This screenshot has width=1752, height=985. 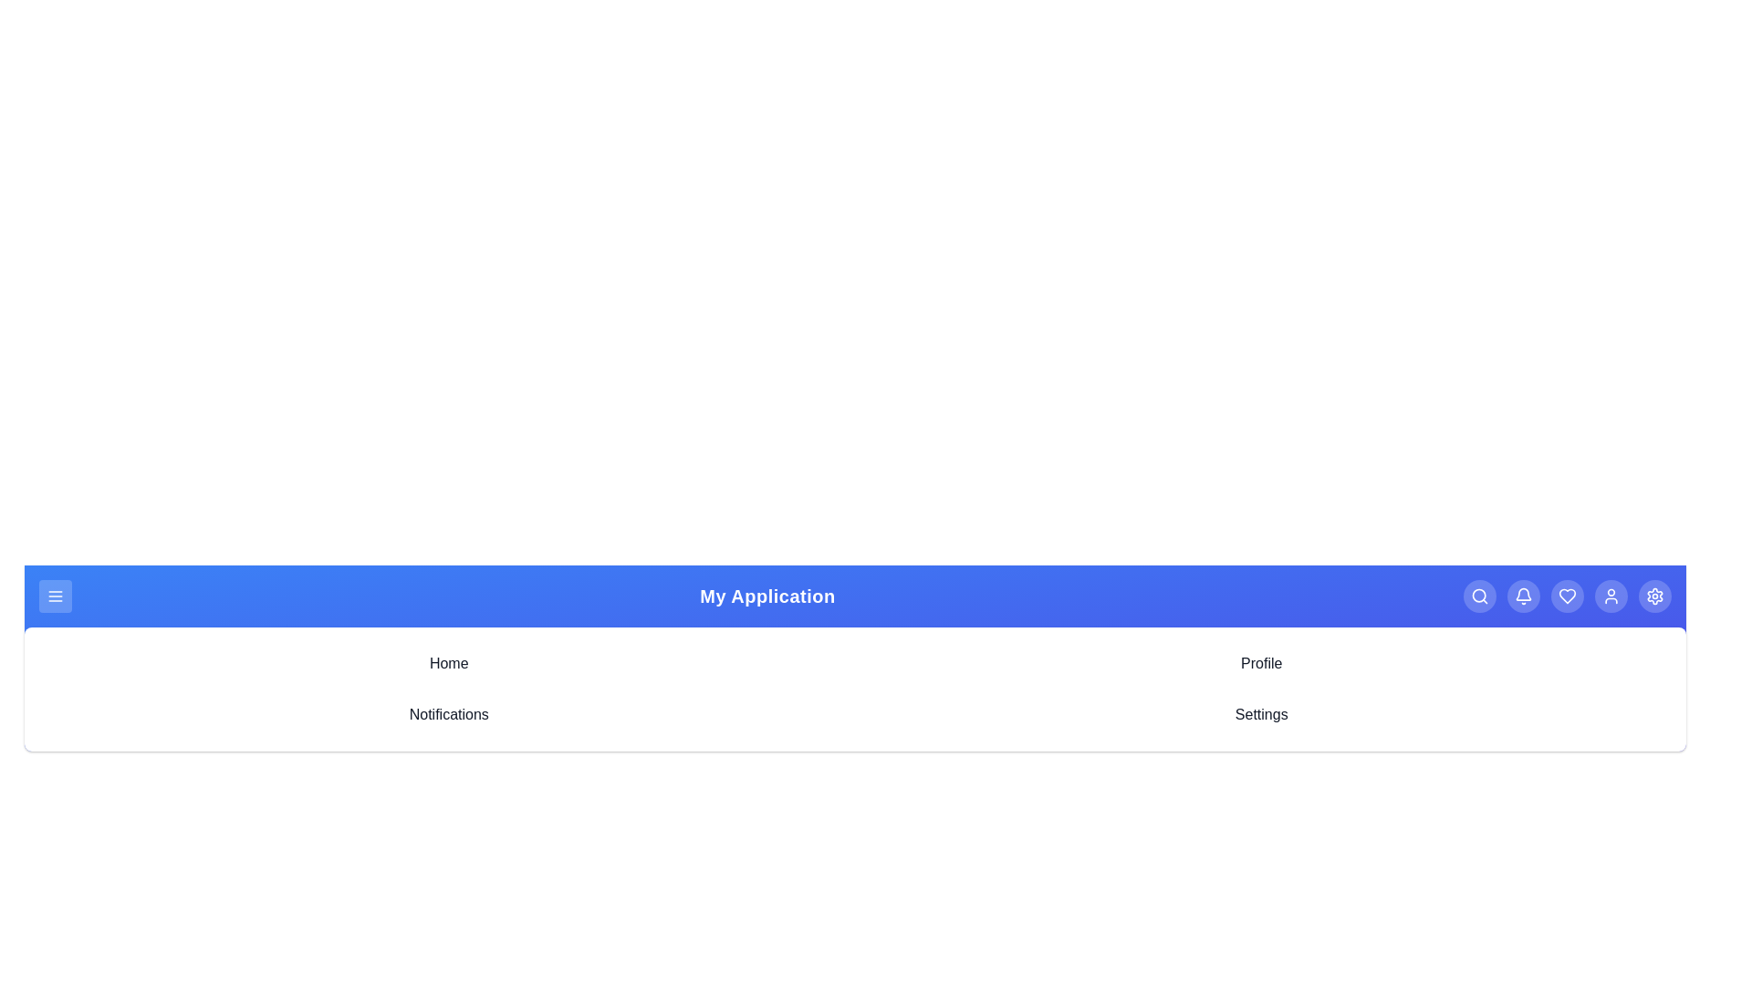 I want to click on the search icon to activate the search functionality, so click(x=1480, y=596).